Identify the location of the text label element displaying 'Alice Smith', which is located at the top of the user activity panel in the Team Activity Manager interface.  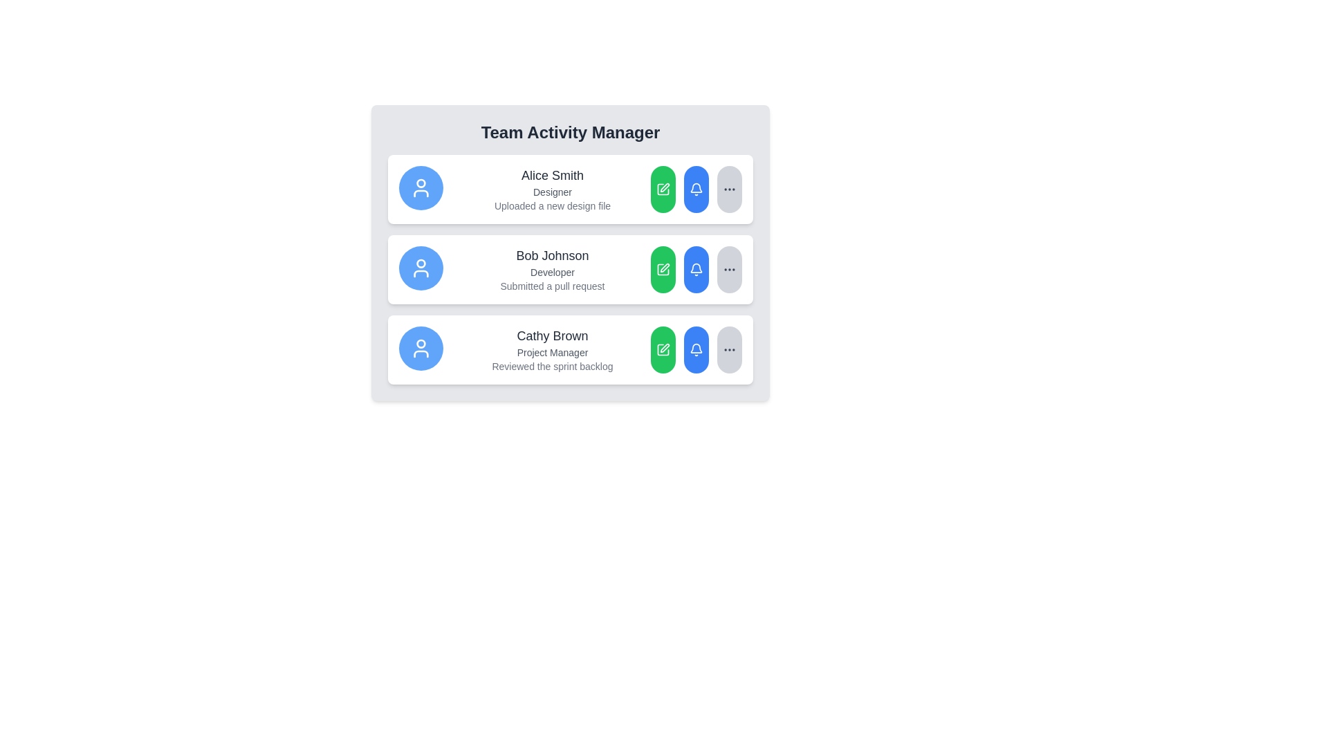
(551, 175).